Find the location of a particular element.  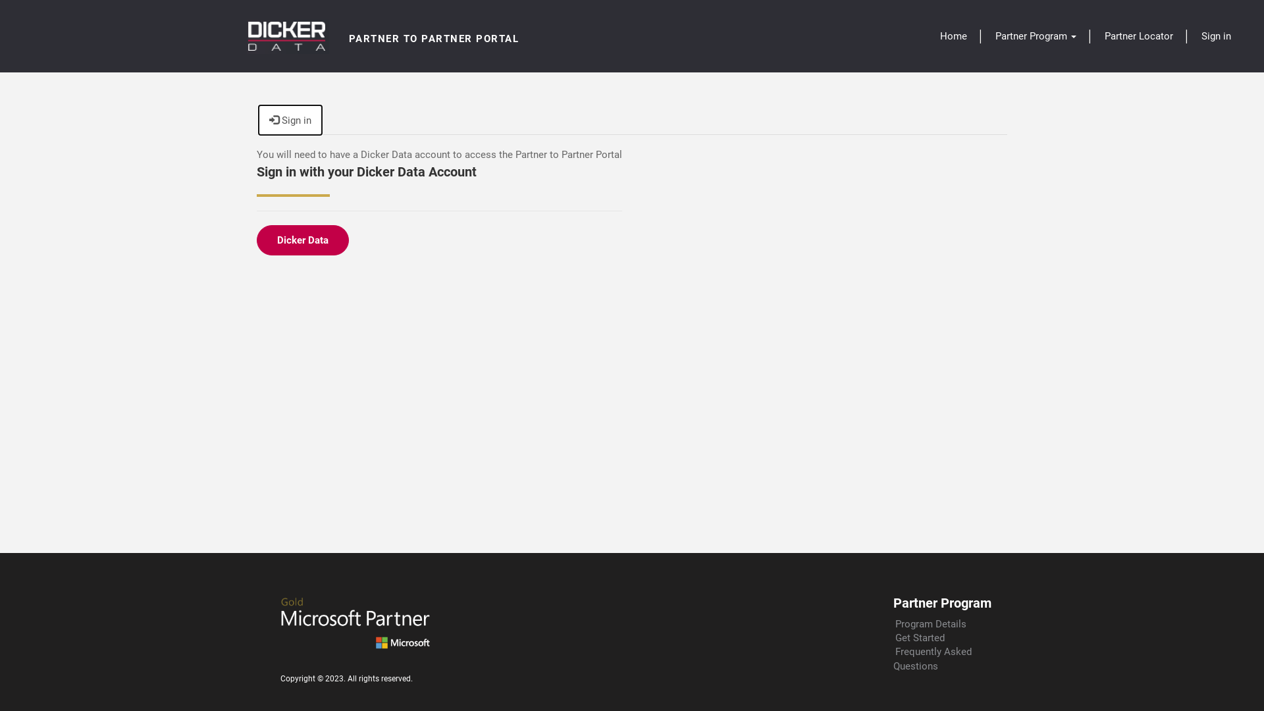

'Sign in' is located at coordinates (259, 120).